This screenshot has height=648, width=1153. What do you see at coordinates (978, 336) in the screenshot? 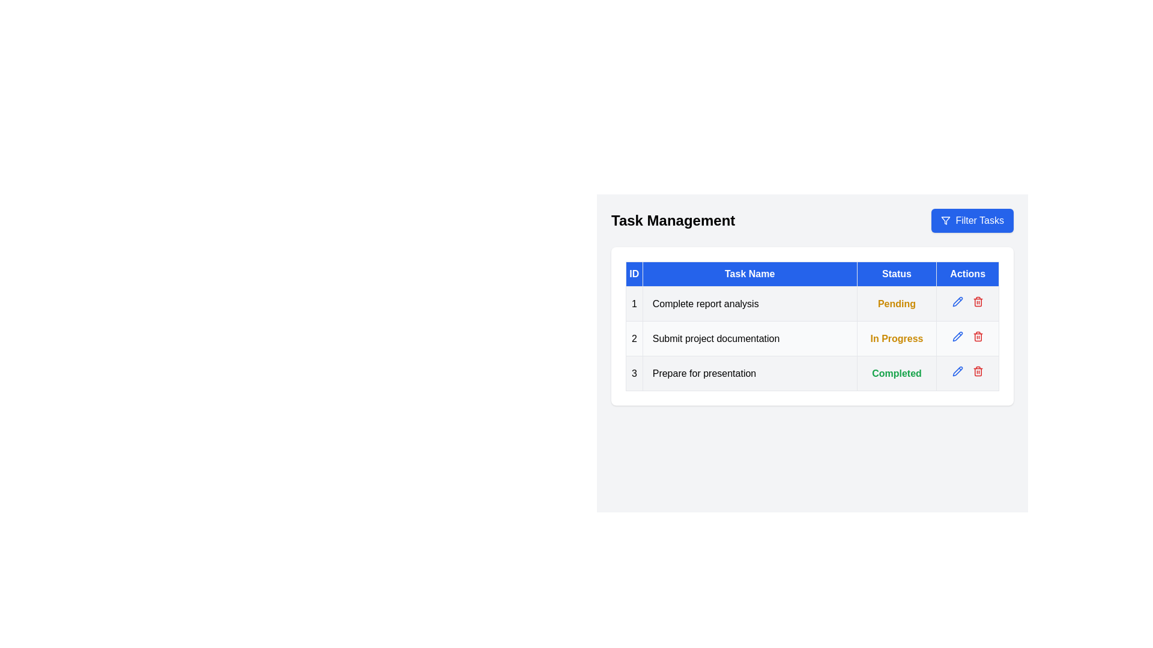
I see `trash can icon next to the task with ID 2` at bounding box center [978, 336].